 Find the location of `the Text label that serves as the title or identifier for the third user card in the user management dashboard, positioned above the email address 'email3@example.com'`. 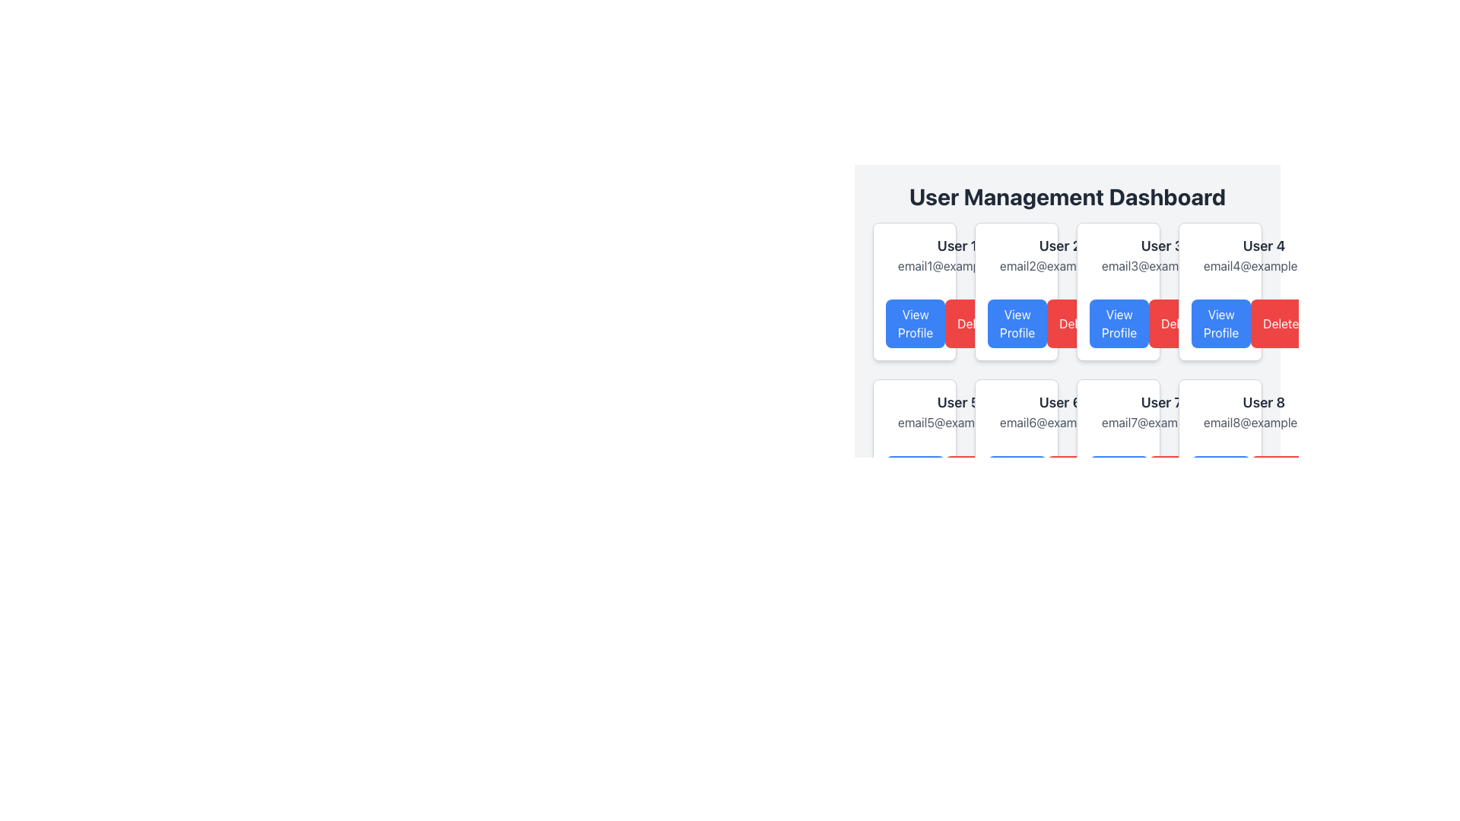

the Text label that serves as the title or identifier for the third user card in the user management dashboard, positioned above the email address 'email3@example.com' is located at coordinates (1161, 246).